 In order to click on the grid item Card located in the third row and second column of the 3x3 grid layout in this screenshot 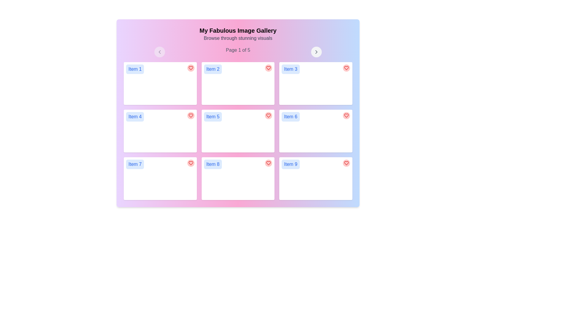, I will do `click(238, 178)`.